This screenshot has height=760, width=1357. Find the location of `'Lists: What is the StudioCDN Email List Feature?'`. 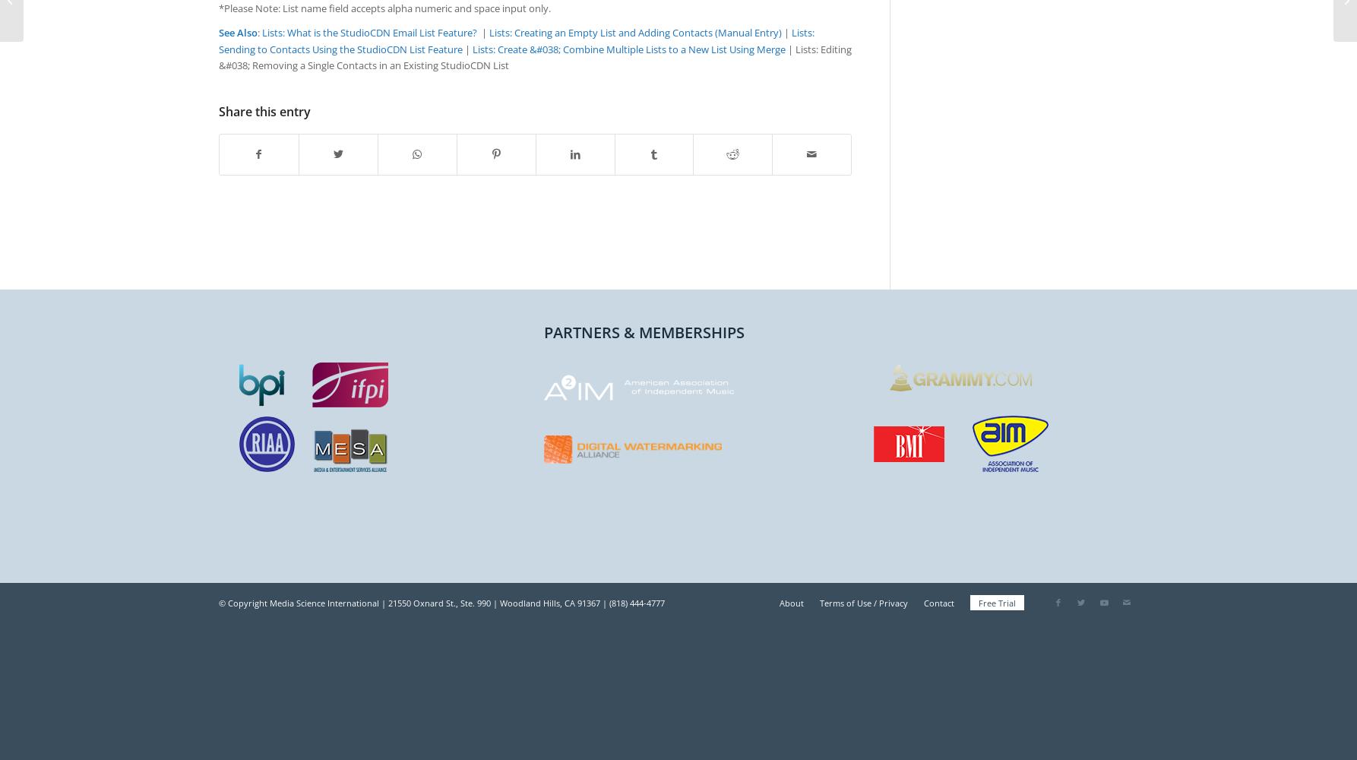

'Lists: What is the StudioCDN Email List Feature?' is located at coordinates (369, 33).